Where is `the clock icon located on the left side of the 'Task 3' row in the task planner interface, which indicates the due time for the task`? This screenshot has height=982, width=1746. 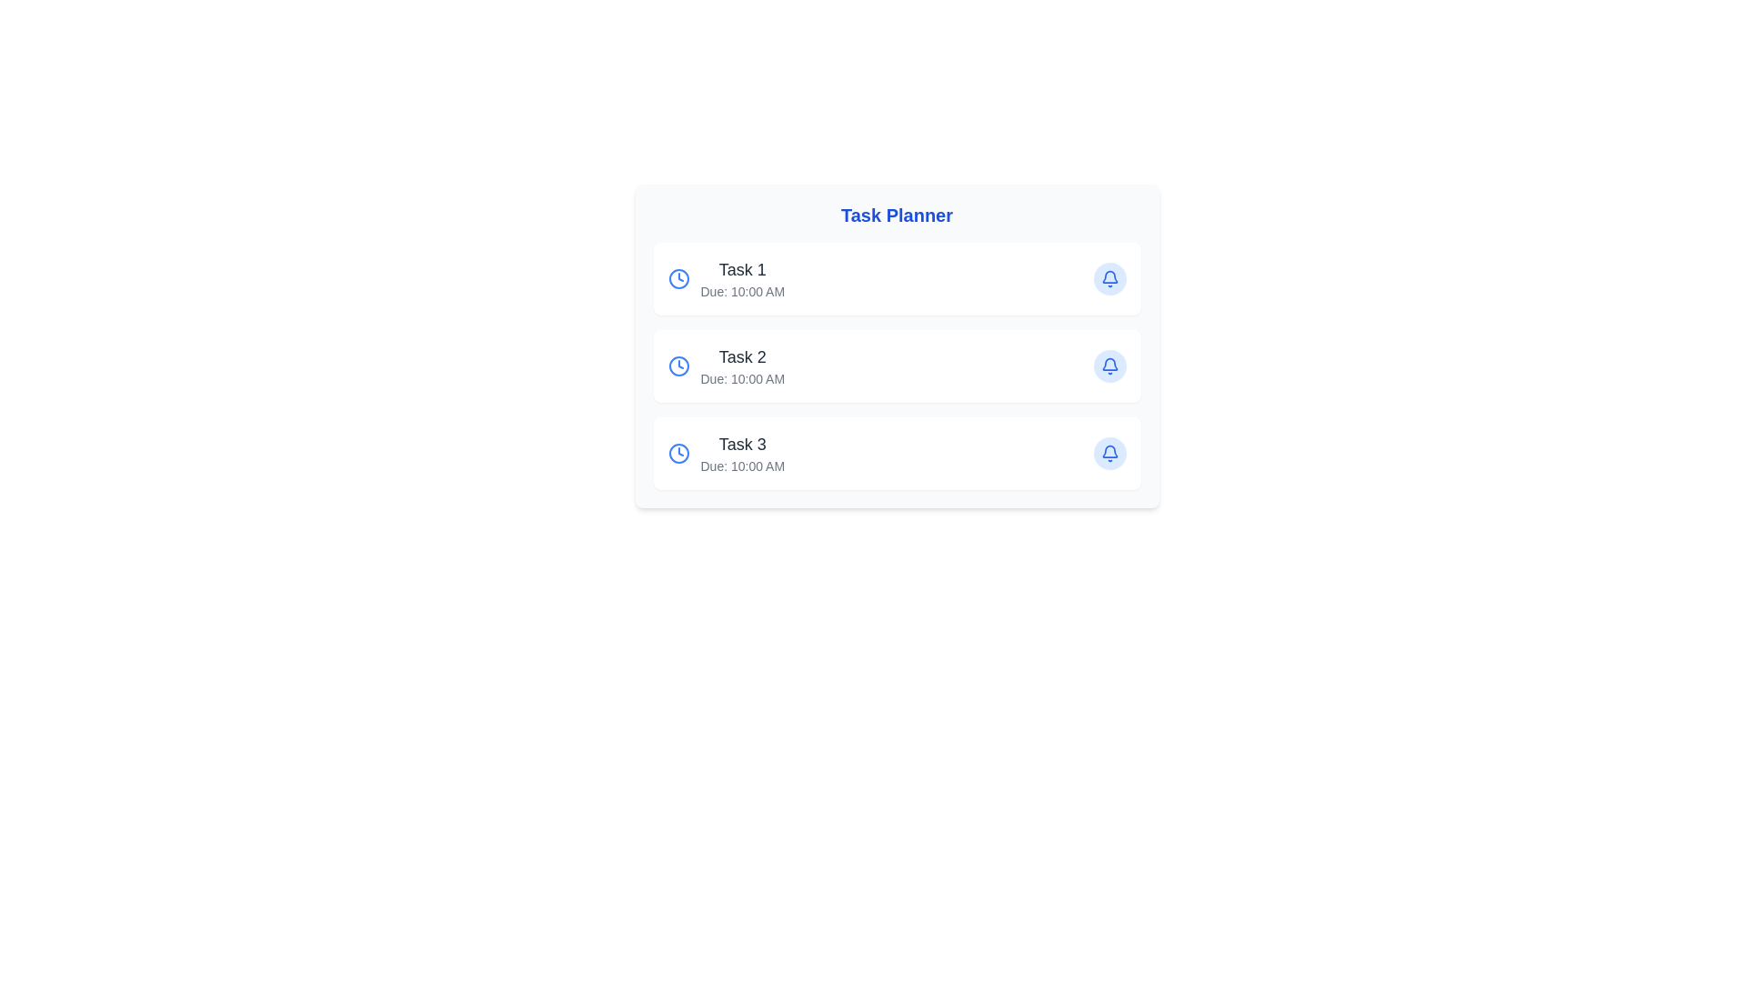
the clock icon located on the left side of the 'Task 3' row in the task planner interface, which indicates the due time for the task is located at coordinates (677, 452).